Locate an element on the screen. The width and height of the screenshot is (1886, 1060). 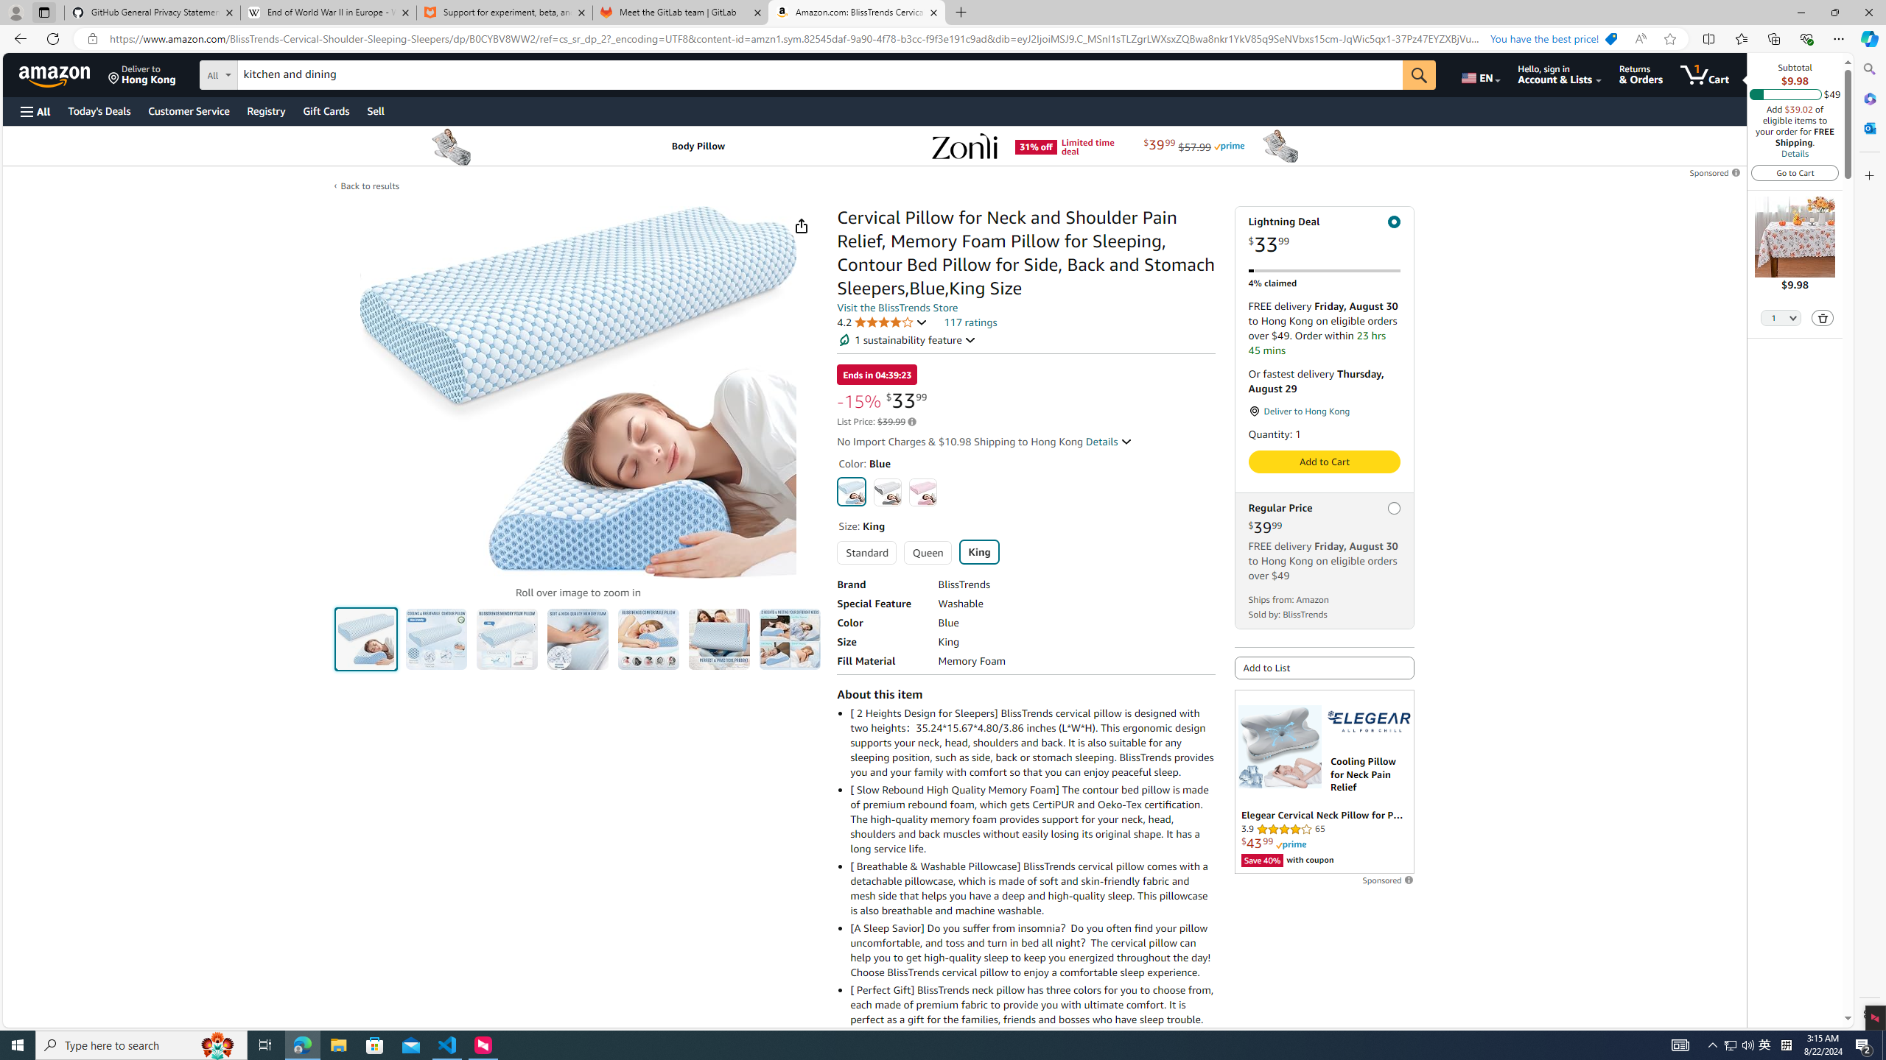
'Amazon' is located at coordinates (56, 74).